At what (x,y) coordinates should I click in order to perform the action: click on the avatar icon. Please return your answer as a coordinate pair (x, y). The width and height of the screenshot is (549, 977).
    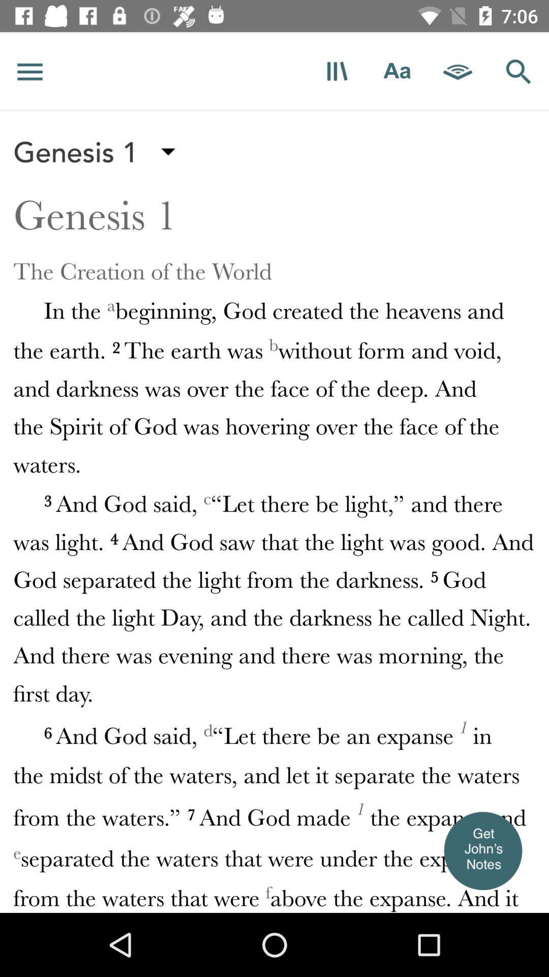
    Looking at the image, I should click on (482, 850).